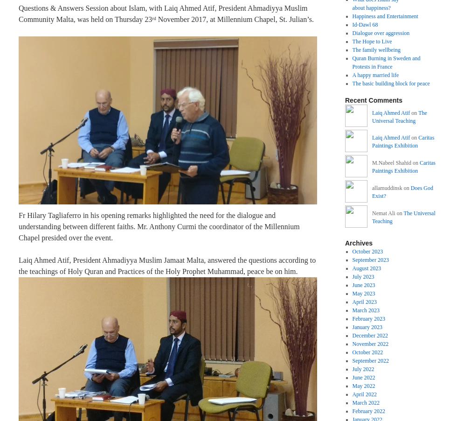  Describe the element at coordinates (352, 75) in the screenshot. I see `'A happy married life'` at that location.